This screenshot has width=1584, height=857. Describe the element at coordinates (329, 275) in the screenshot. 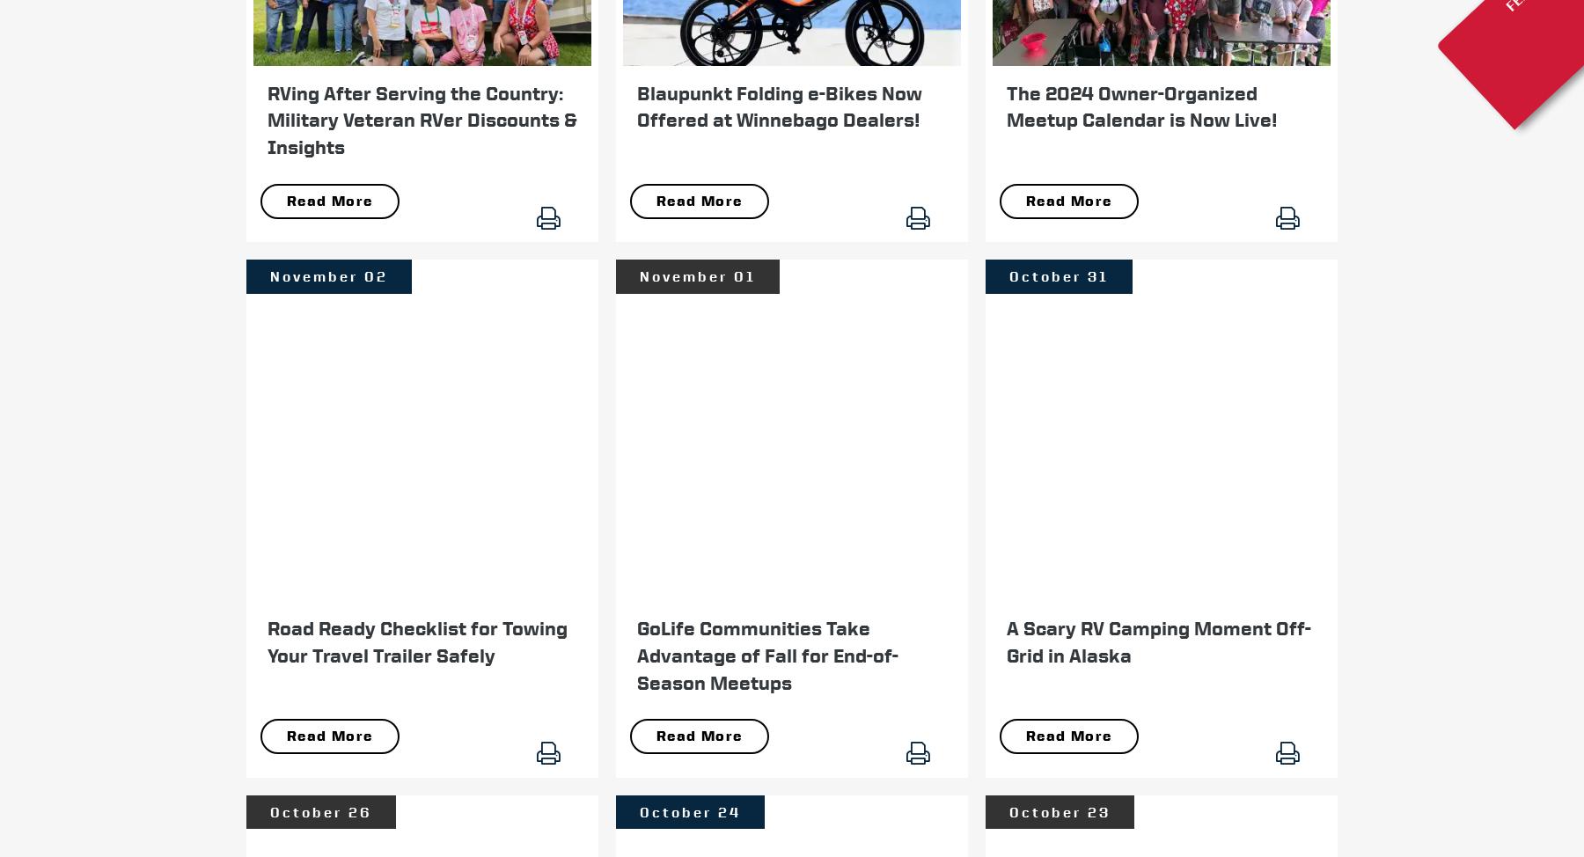

I see `'November 02'` at that location.